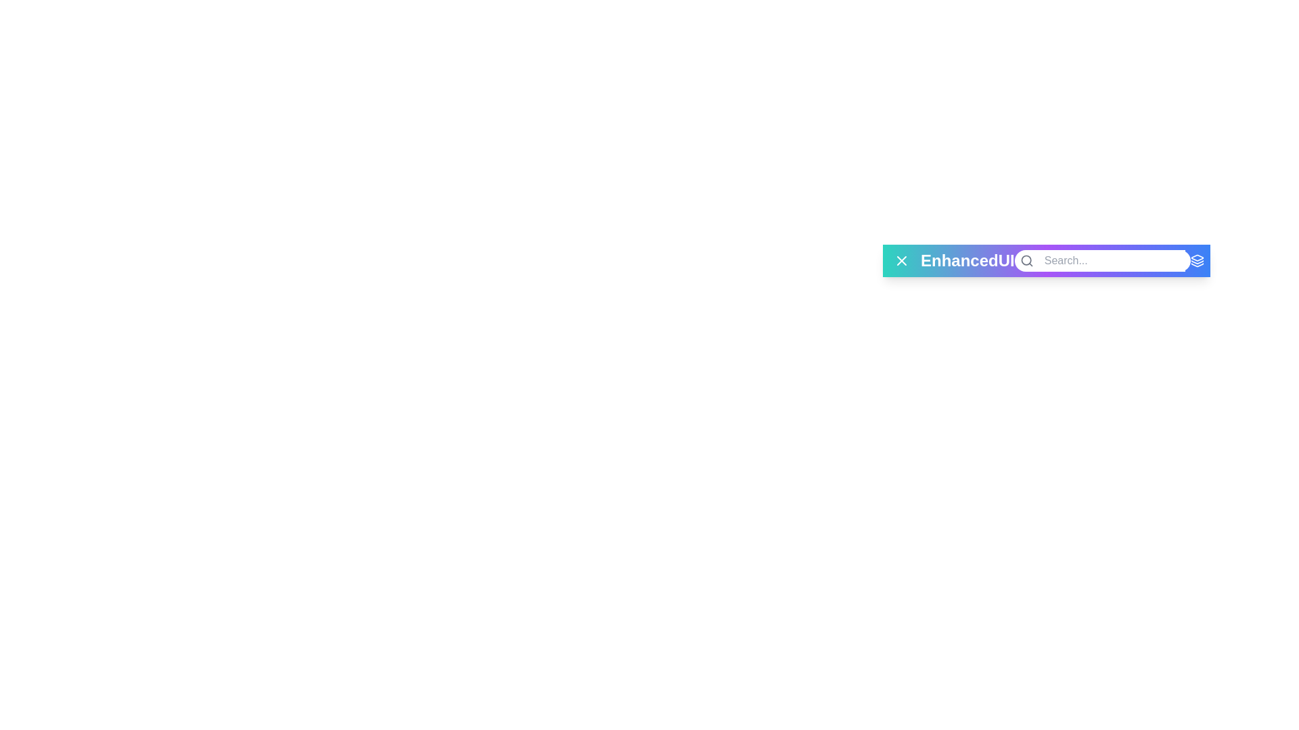 The height and width of the screenshot is (730, 1299). Describe the element at coordinates (902, 260) in the screenshot. I see `menu toggle button to toggle the menu state` at that location.